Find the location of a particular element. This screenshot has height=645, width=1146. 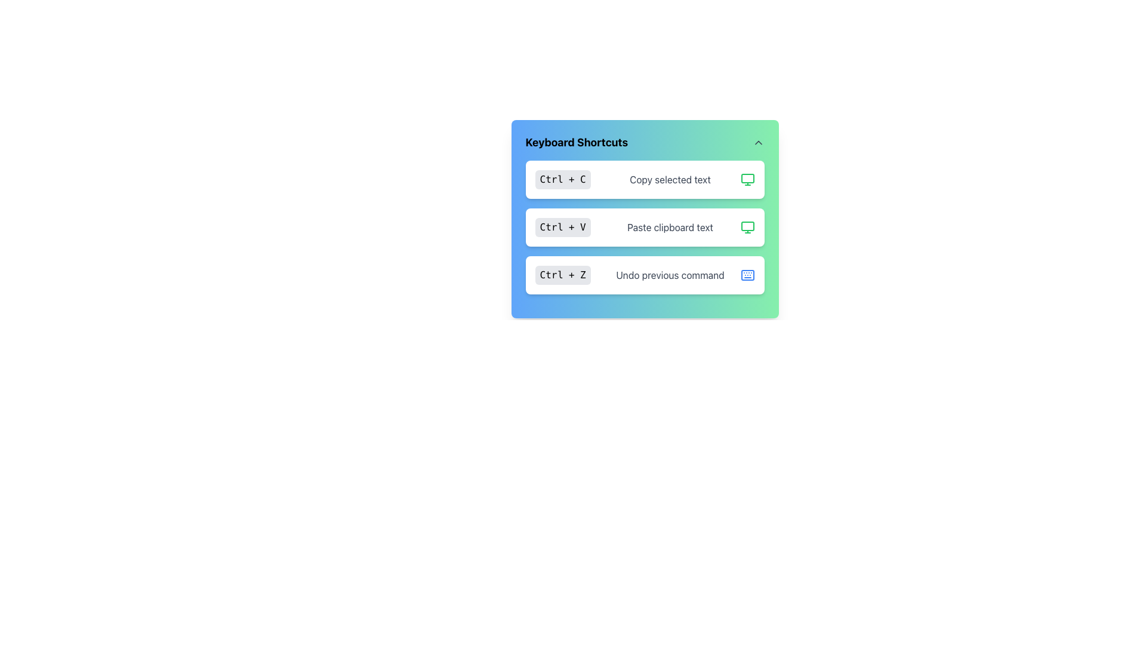

text information from the Interactive Info Block that indicates the keyboard shortcut 'Ctrl + V' for pasting clipboard text, located as the second block in the 'Keyboard Shortcuts' section is located at coordinates (644, 228).